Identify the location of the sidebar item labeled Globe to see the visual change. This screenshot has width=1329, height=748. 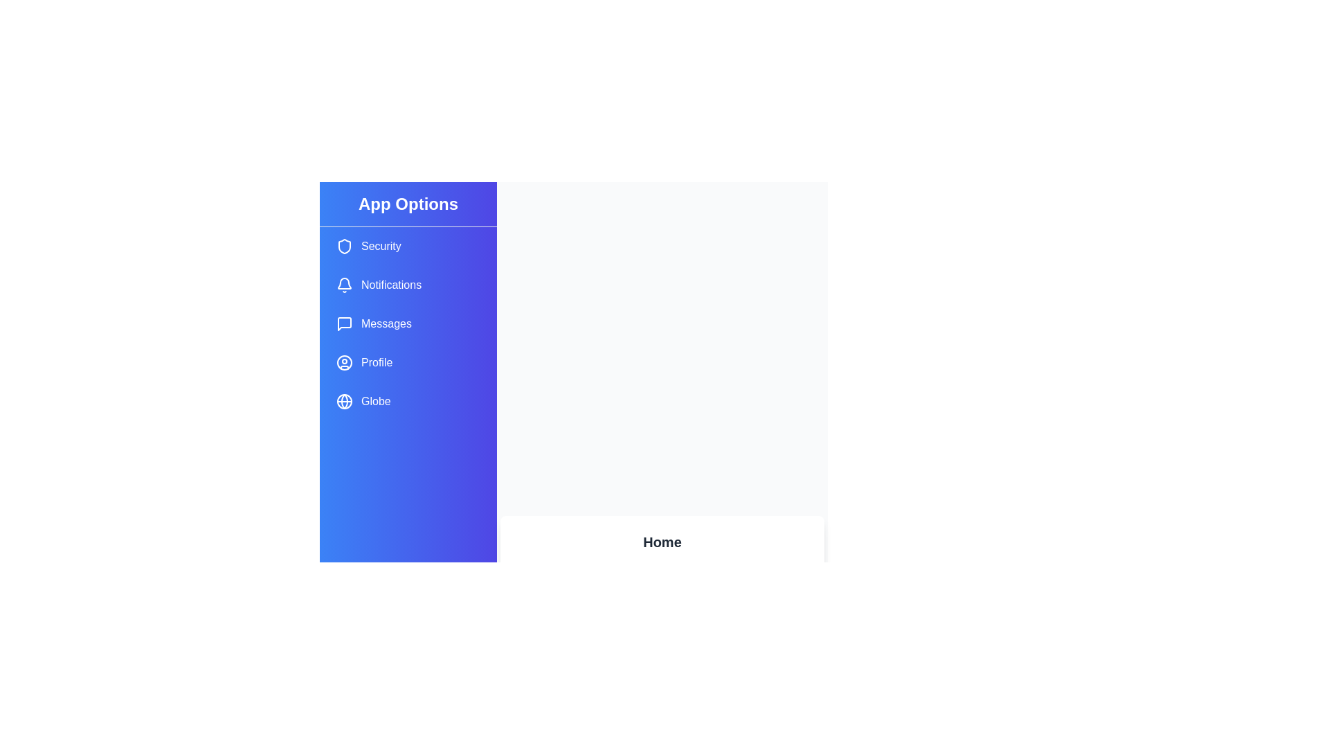
(408, 401).